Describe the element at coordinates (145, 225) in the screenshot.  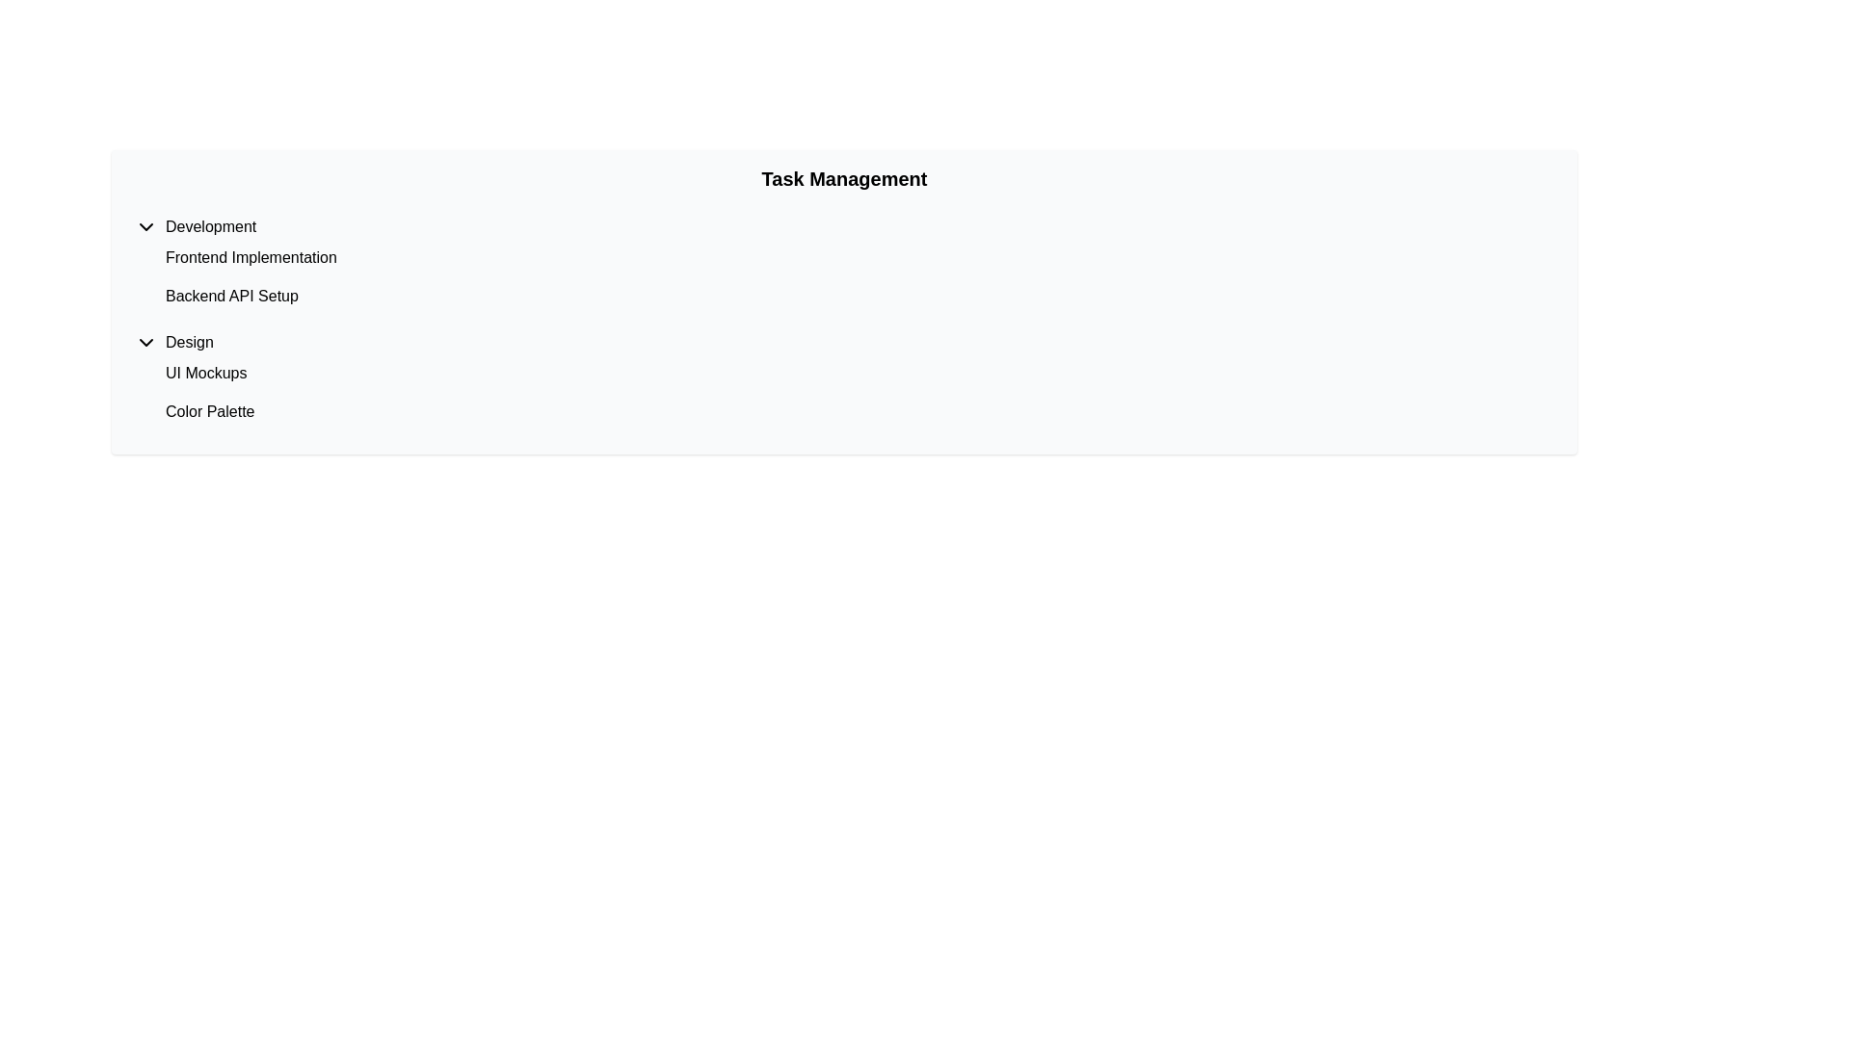
I see `the Dropdown Toggle Icon located to the left of the text 'Development'` at that location.